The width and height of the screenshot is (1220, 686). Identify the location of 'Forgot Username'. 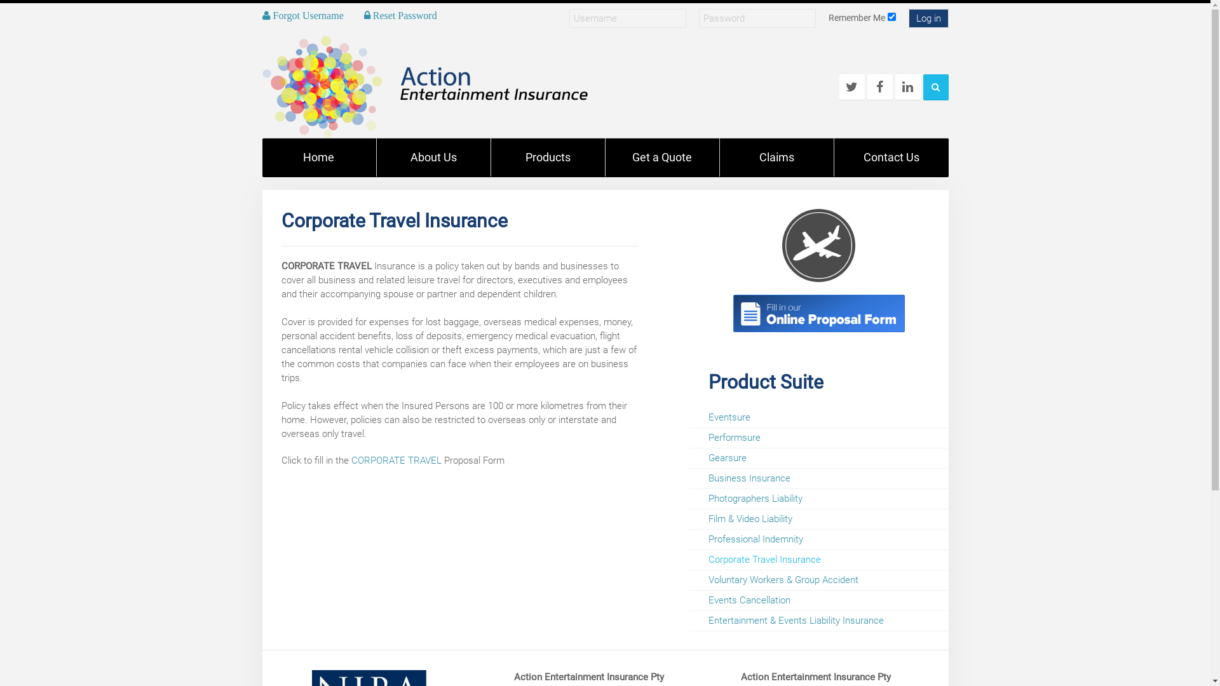
(301, 15).